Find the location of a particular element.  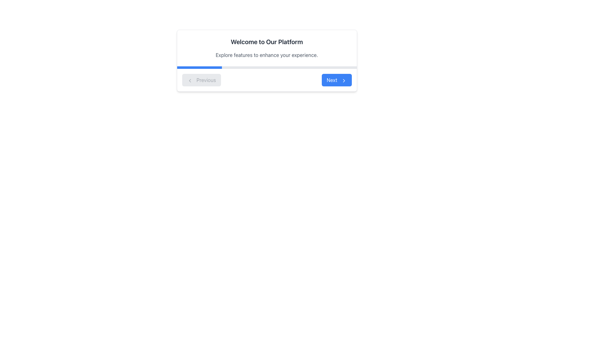

the Text Label that provides a descriptive or motivational message below the heading 'Welcome to Our Platform.' is located at coordinates (267, 55).